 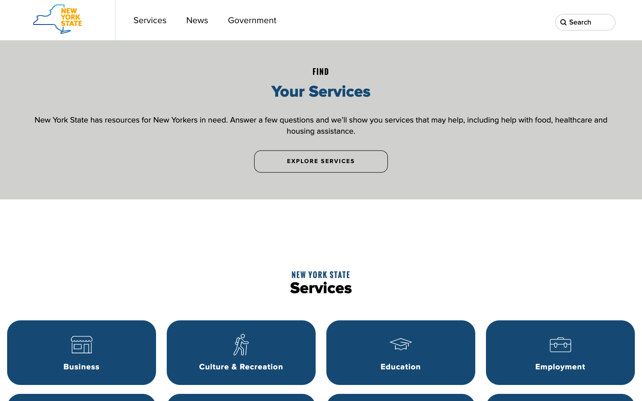 What do you see at coordinates (321, 161) in the screenshot?
I see `Discover additional services by selecting the "Explore Services" option` at bounding box center [321, 161].